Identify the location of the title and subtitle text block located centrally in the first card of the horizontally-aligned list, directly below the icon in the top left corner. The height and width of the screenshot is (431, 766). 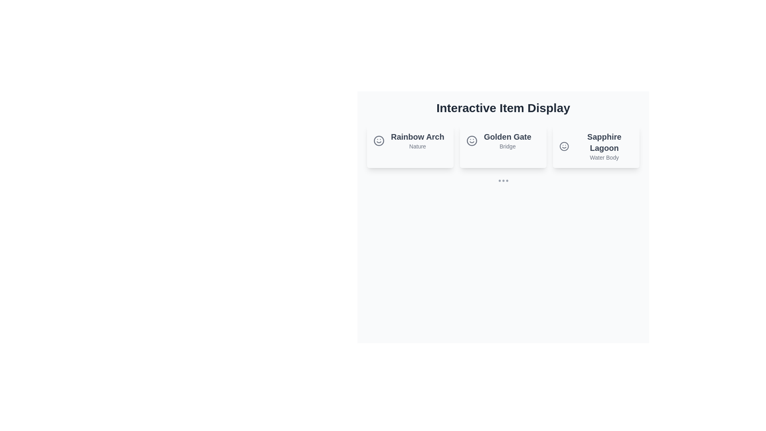
(417, 140).